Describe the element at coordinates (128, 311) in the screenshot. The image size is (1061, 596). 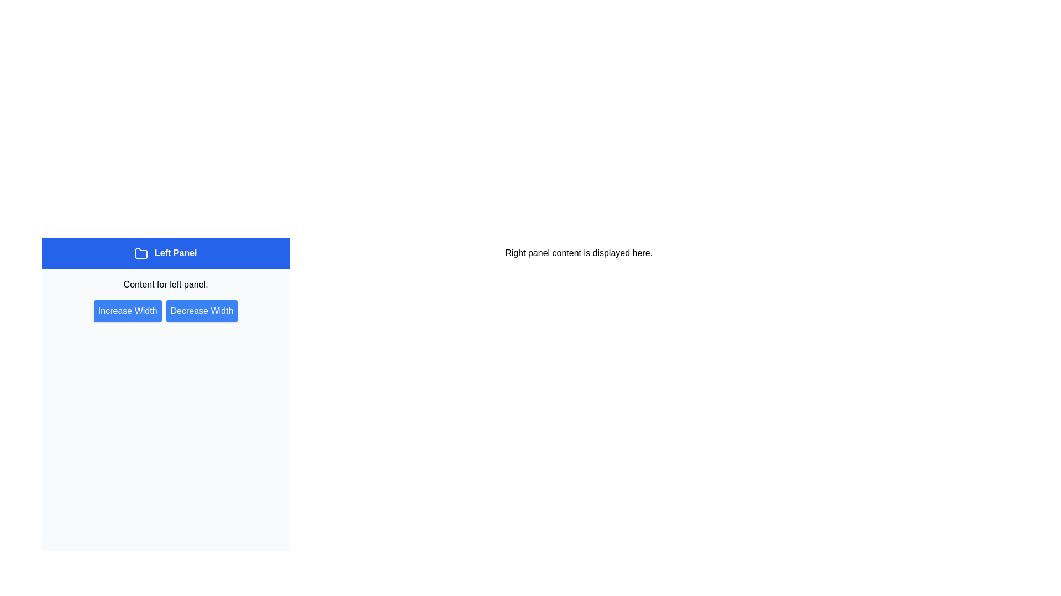
I see `the 'Increase Width' button, which is a rectangular button with a blue background and white text, located in the left panel of a horizontal button group` at that location.